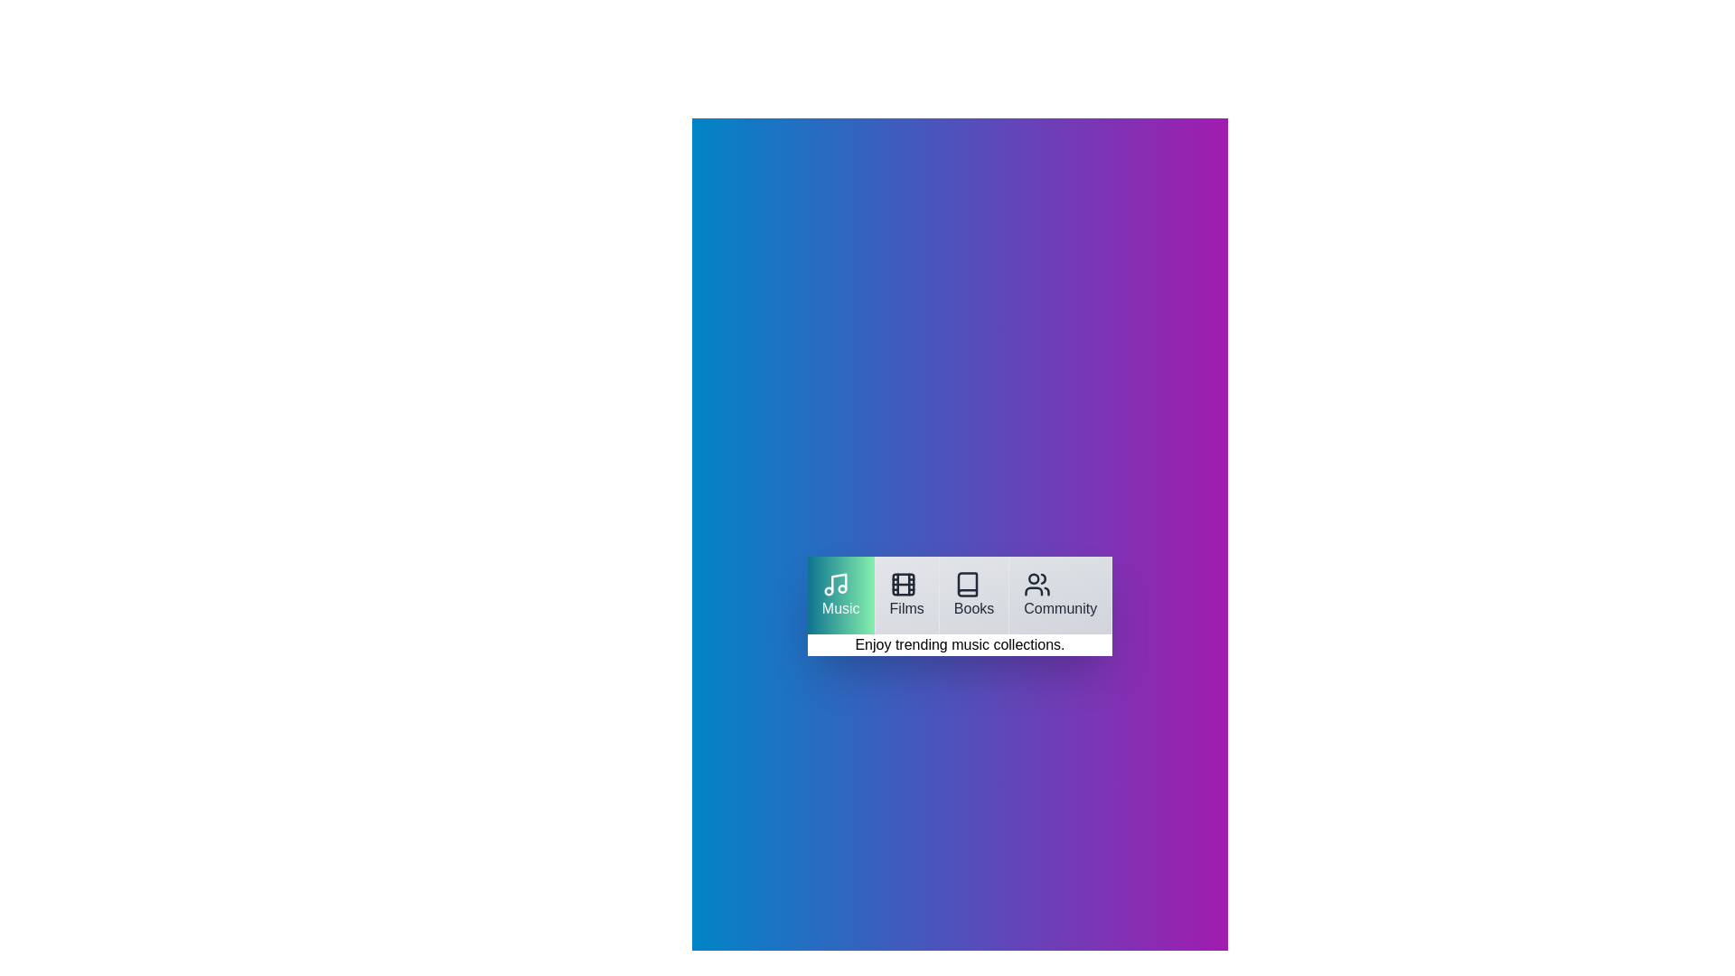 The width and height of the screenshot is (1735, 976). I want to click on the keyboard navigation on the 'Films' button, so click(907, 596).